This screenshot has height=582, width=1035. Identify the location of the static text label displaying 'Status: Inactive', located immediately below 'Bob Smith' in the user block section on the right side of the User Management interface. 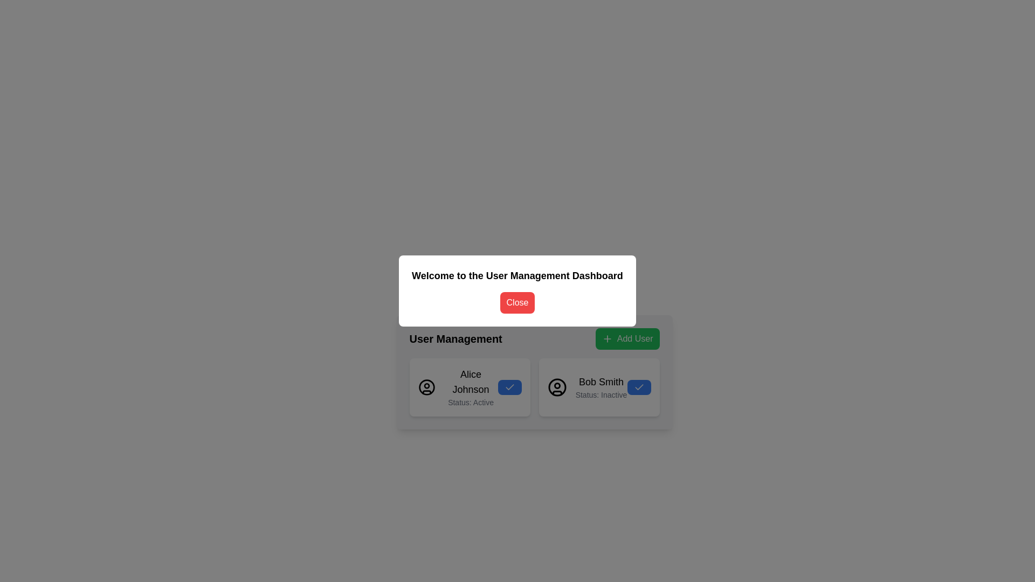
(601, 394).